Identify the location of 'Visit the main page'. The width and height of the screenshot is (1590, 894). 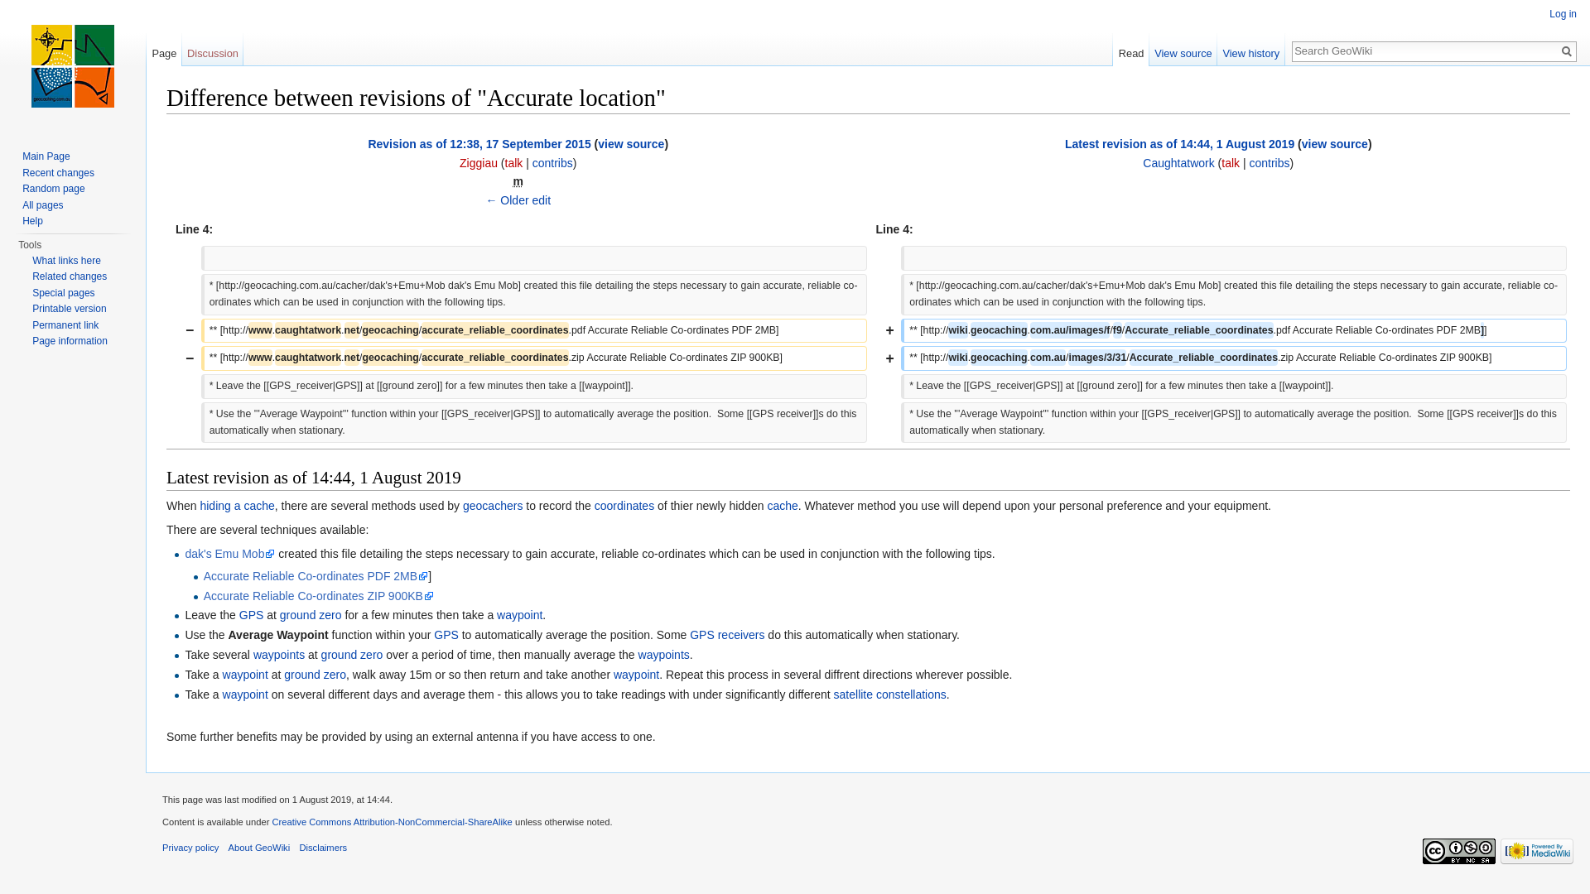
(71, 65).